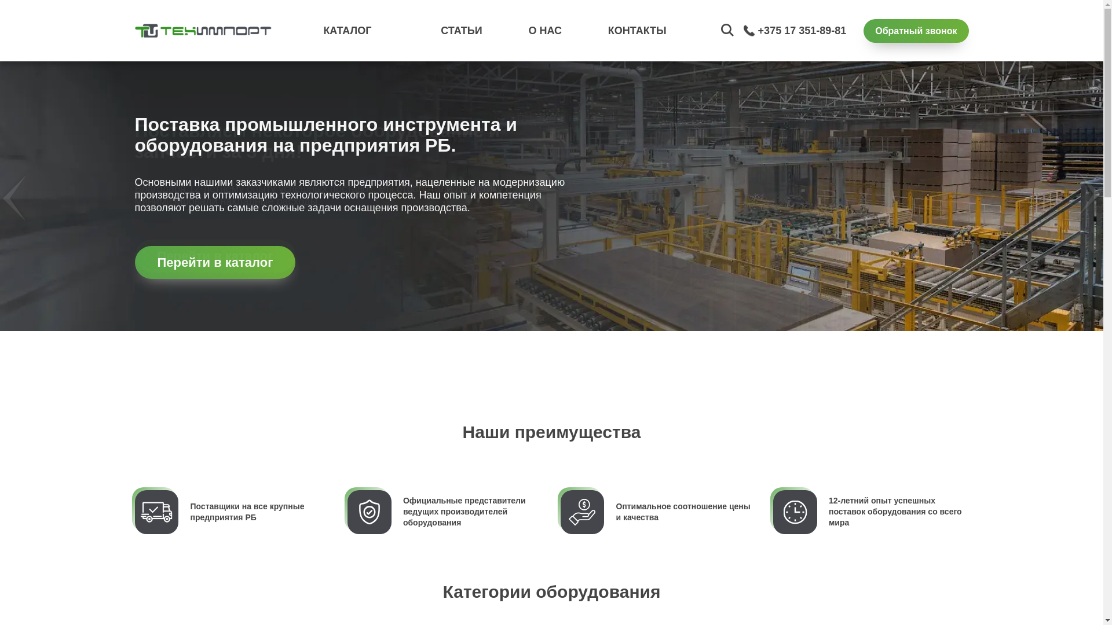 This screenshot has height=625, width=1112. I want to click on '+375 17 351-89-81', so click(802, 30).